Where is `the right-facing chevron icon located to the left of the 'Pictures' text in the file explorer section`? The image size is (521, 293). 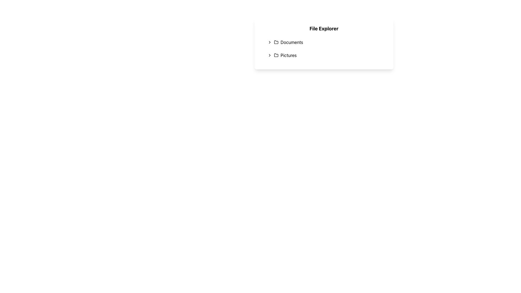 the right-facing chevron icon located to the left of the 'Pictures' text in the file explorer section is located at coordinates (269, 55).